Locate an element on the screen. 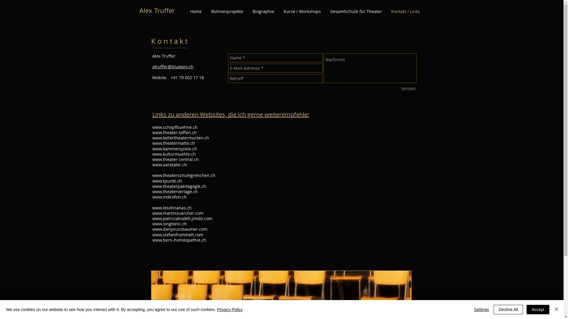 The width and height of the screenshot is (568, 319). 'www.theaterschulegrenchen.ch' is located at coordinates (183, 175).